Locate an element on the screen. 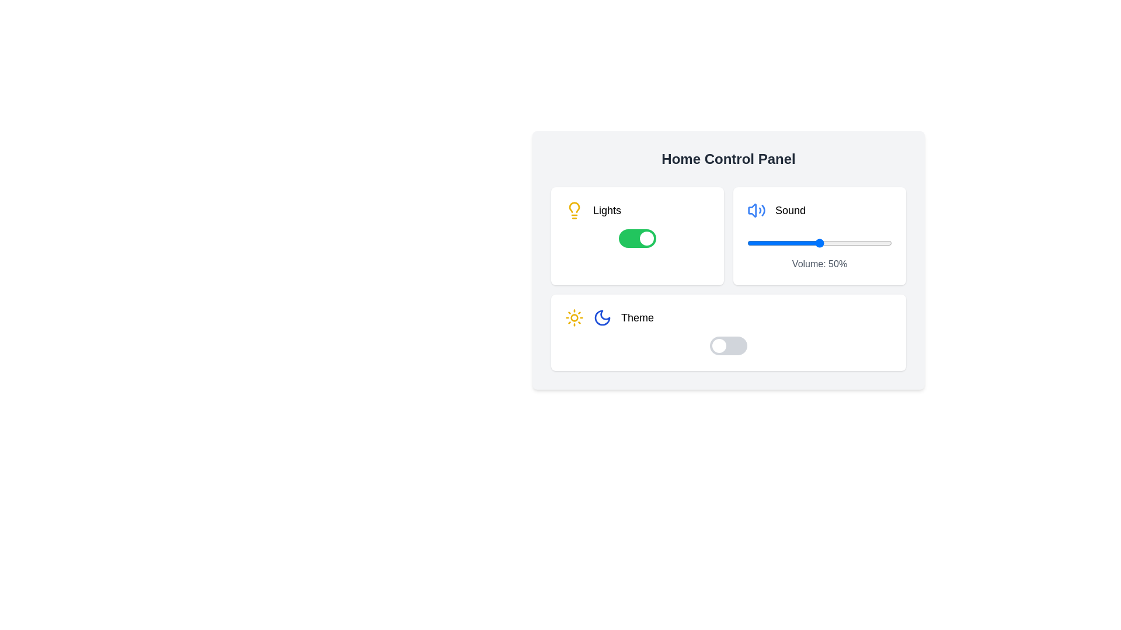  the toggle switch for the 'Lights' feature located in the 'Home Control Panel' is located at coordinates (636, 237).